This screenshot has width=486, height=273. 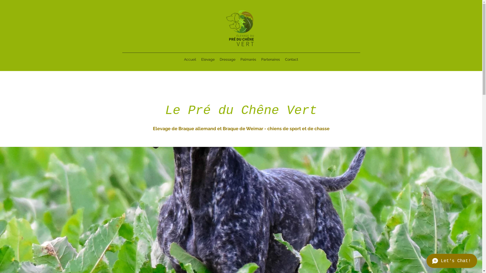 I want to click on 'Partenaires', so click(x=270, y=59).